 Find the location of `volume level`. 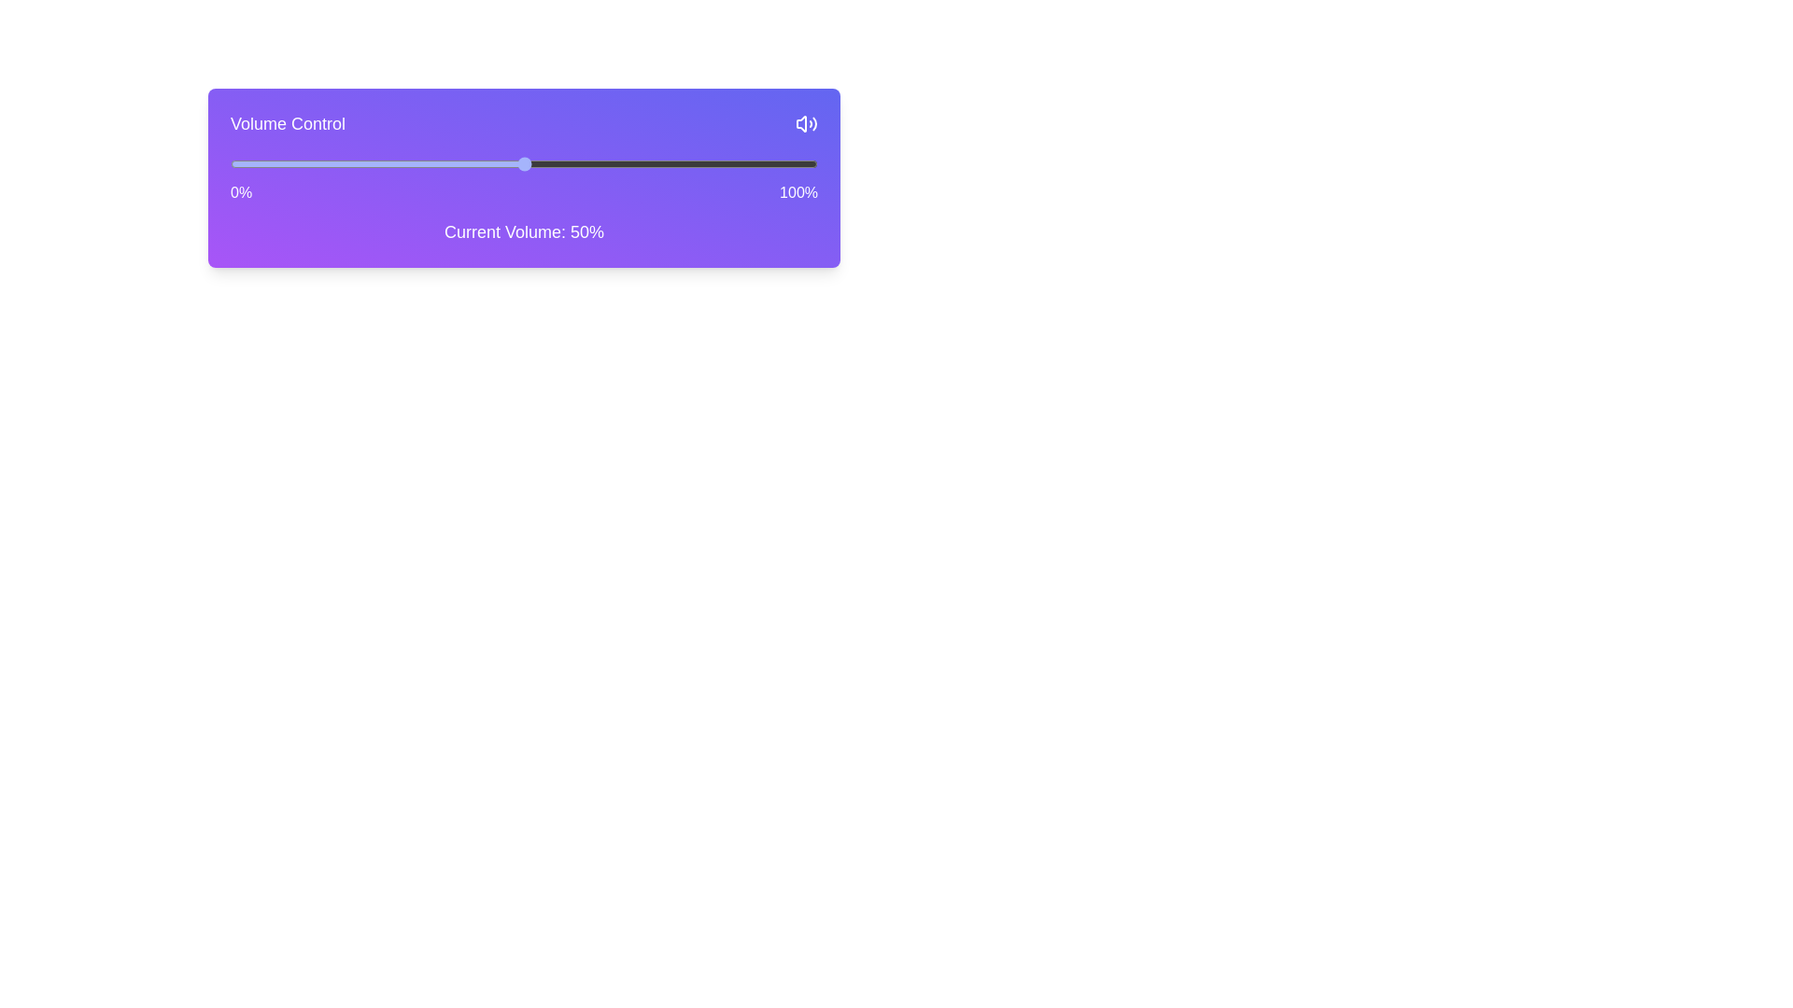

volume level is located at coordinates (711, 163).